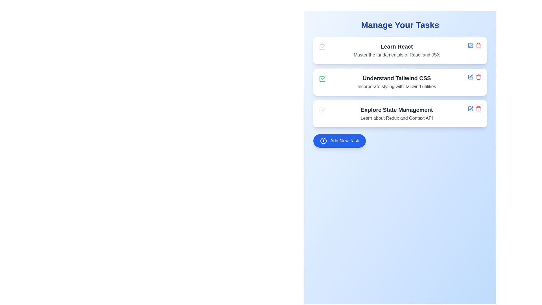 The image size is (542, 305). What do you see at coordinates (323, 78) in the screenshot?
I see `the green checkmark icon located near the 'Understand Tailwind CSS' text in the task list` at bounding box center [323, 78].